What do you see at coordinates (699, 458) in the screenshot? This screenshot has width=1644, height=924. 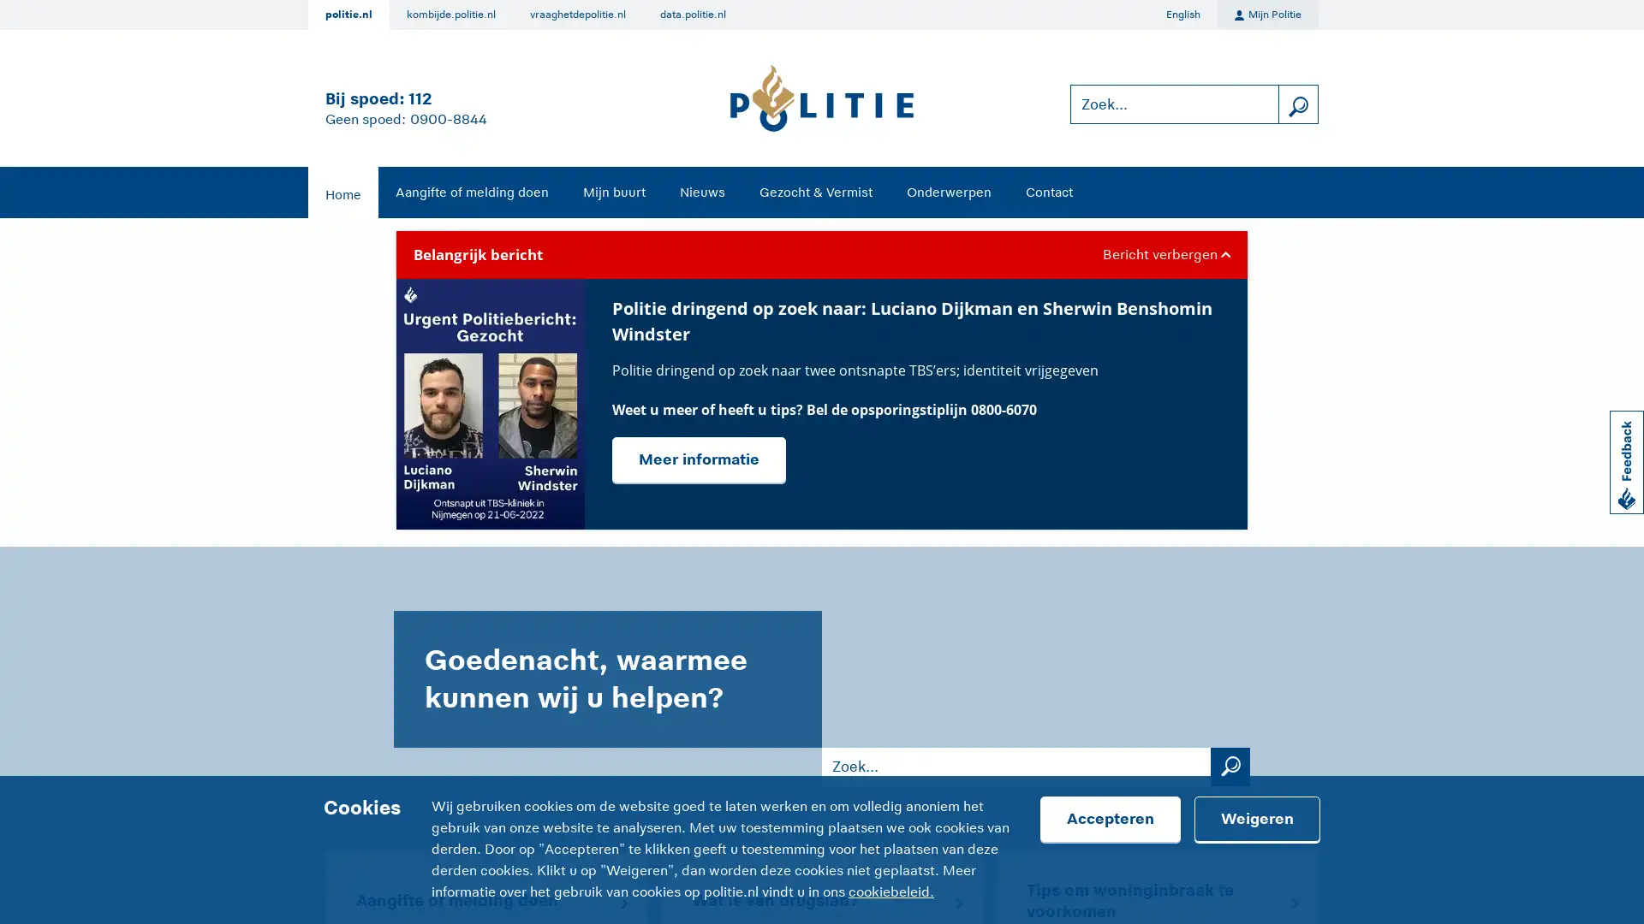 I see `Meer informatie` at bounding box center [699, 458].